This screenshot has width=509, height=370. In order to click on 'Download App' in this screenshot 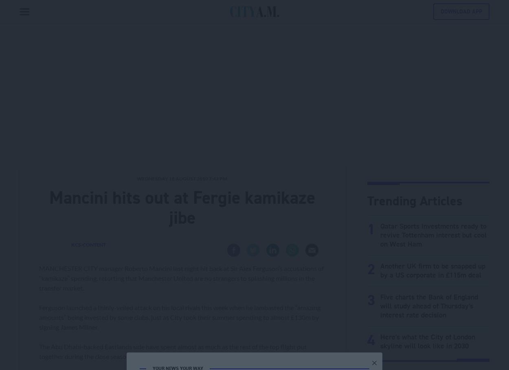, I will do `click(461, 11)`.